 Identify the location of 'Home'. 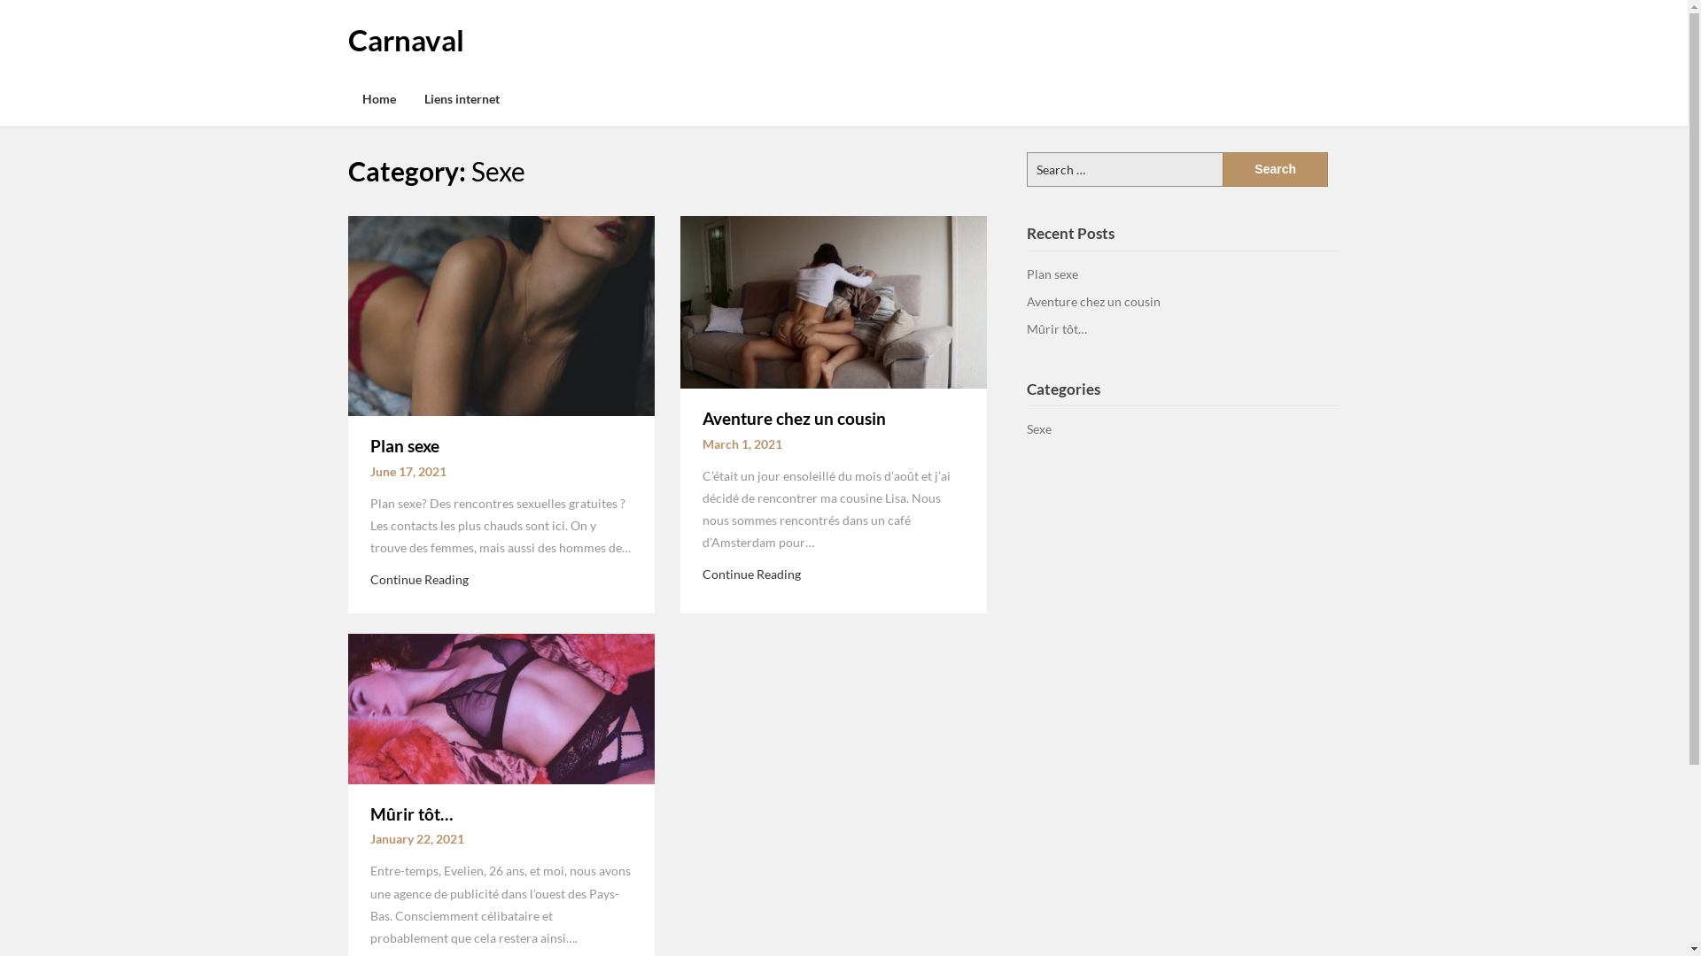
(377, 98).